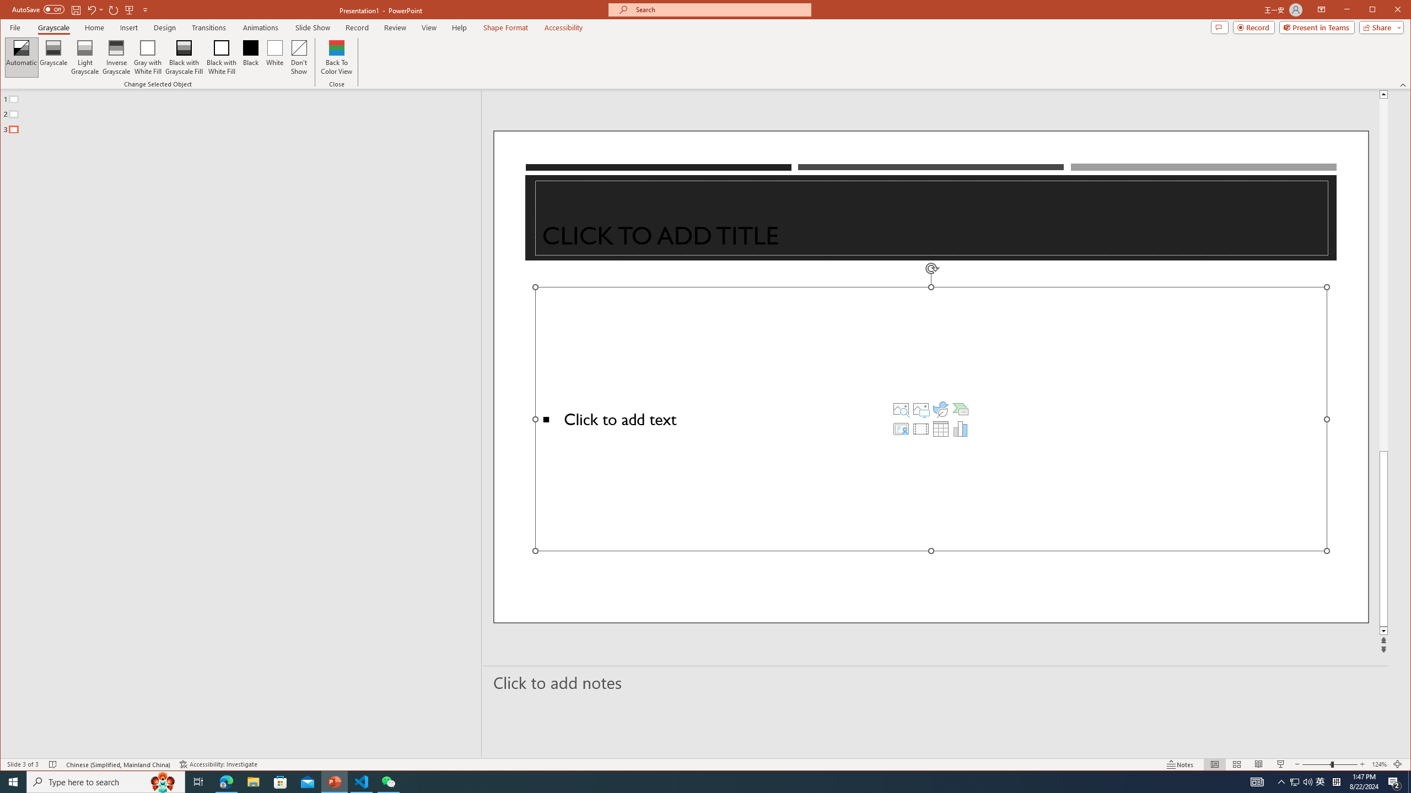 This screenshot has height=793, width=1411. I want to click on 'Insert Video', so click(920, 428).